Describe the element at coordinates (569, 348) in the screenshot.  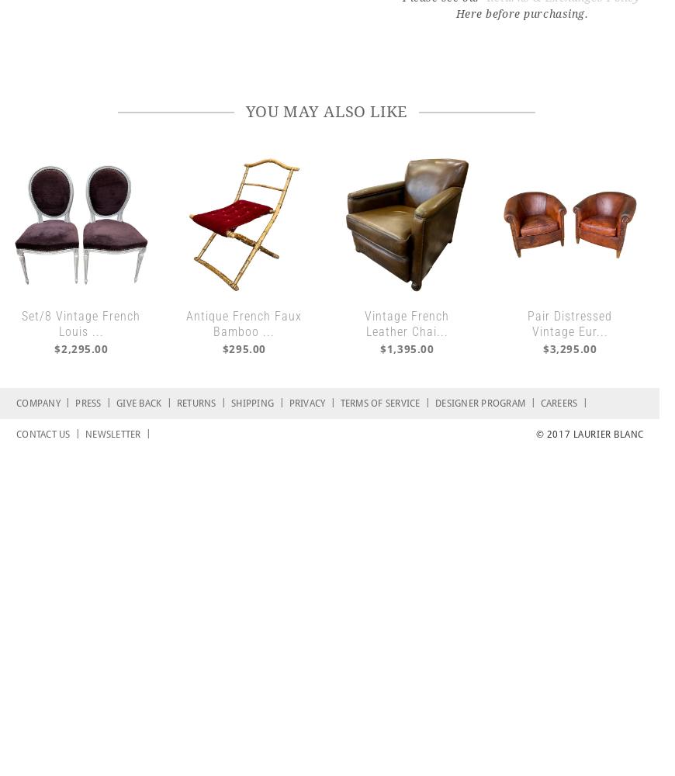
I see `'$3,295.00'` at that location.